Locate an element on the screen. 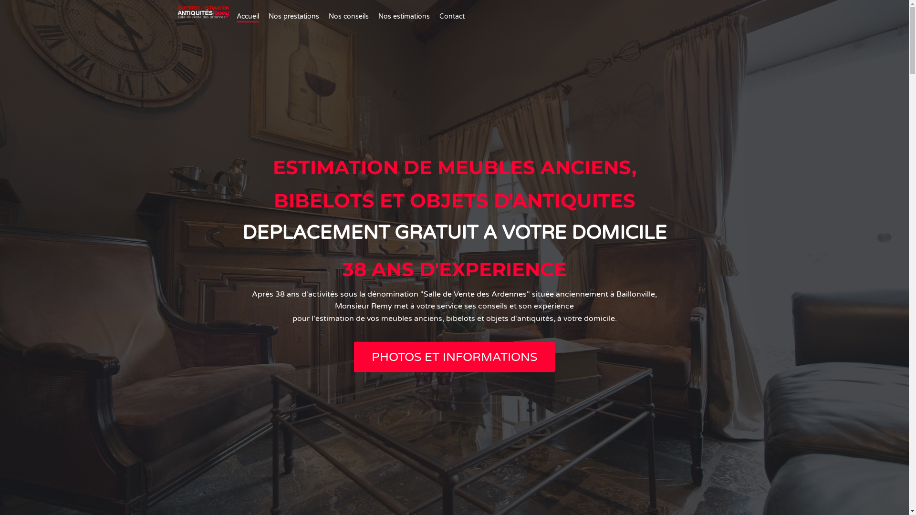 The image size is (916, 515). 'Contact' is located at coordinates (451, 17).